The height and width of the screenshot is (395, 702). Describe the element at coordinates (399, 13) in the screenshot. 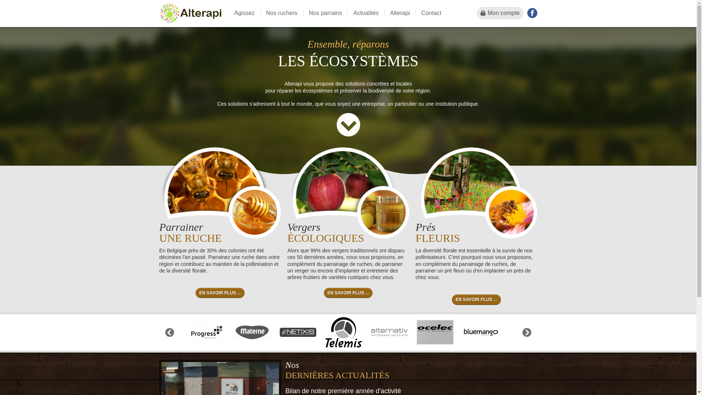

I see `'Alterapi'` at that location.